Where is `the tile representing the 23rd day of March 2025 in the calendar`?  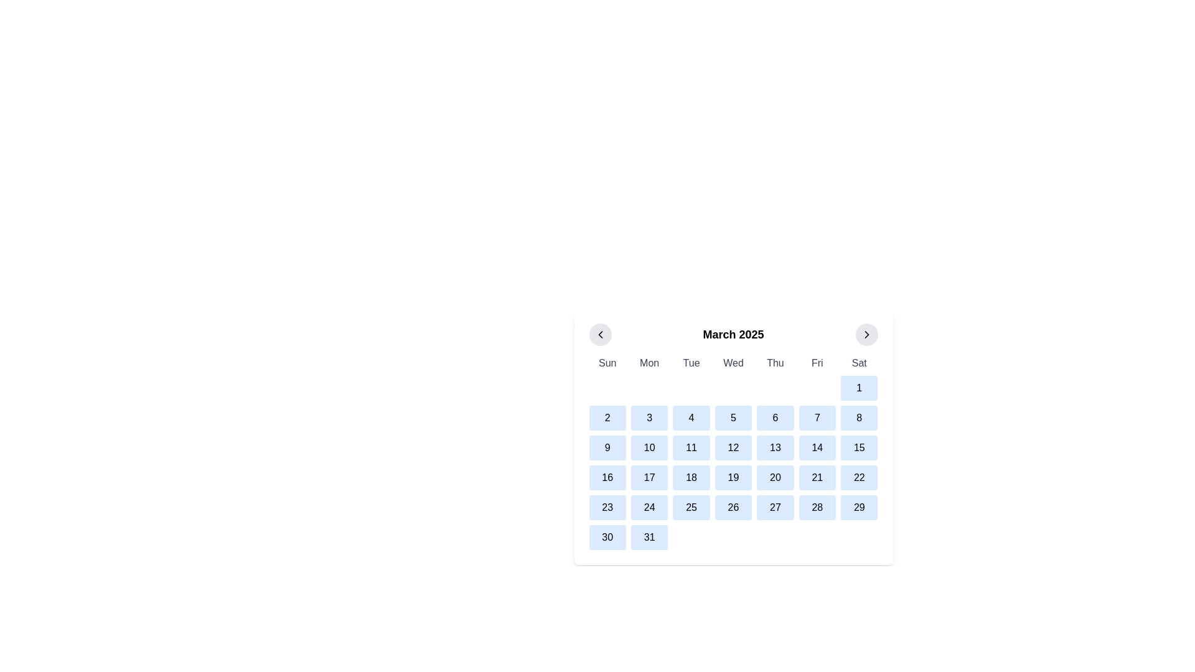 the tile representing the 23rd day of March 2025 in the calendar is located at coordinates (607, 508).